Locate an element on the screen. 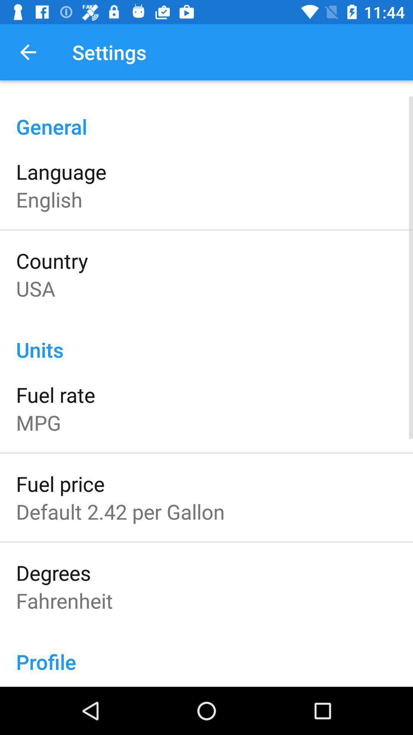 The height and width of the screenshot is (735, 413). the language icon is located at coordinates (61, 171).